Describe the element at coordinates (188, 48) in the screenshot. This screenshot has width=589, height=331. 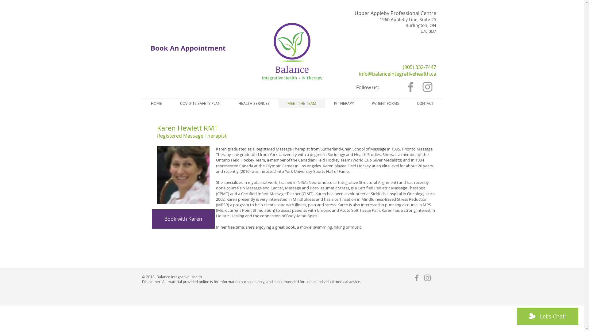
I see `'Book An Appointment'` at that location.